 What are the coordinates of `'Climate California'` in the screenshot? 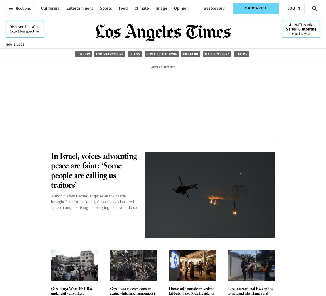 It's located at (161, 54).